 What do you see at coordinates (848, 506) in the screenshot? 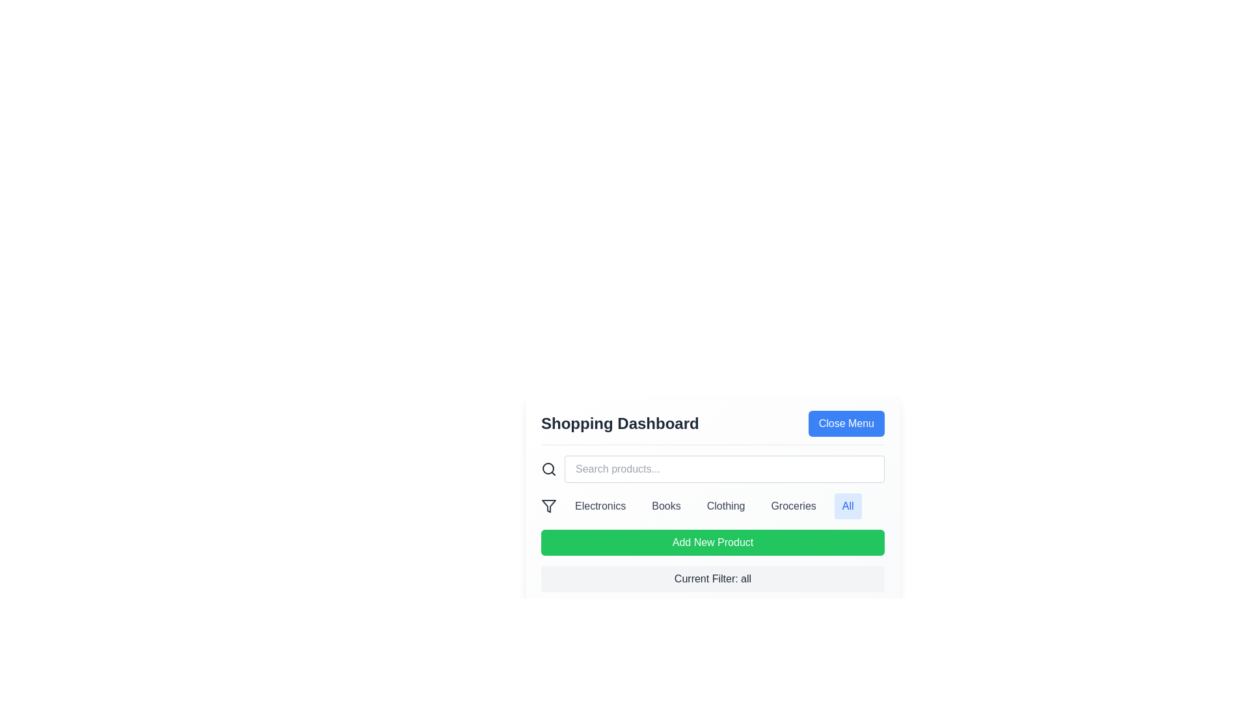
I see `the 'All' filter button, which is the fifth button in a row of filter buttons, located to the right of the 'Groceries' button, to trigger its hover effects` at bounding box center [848, 506].